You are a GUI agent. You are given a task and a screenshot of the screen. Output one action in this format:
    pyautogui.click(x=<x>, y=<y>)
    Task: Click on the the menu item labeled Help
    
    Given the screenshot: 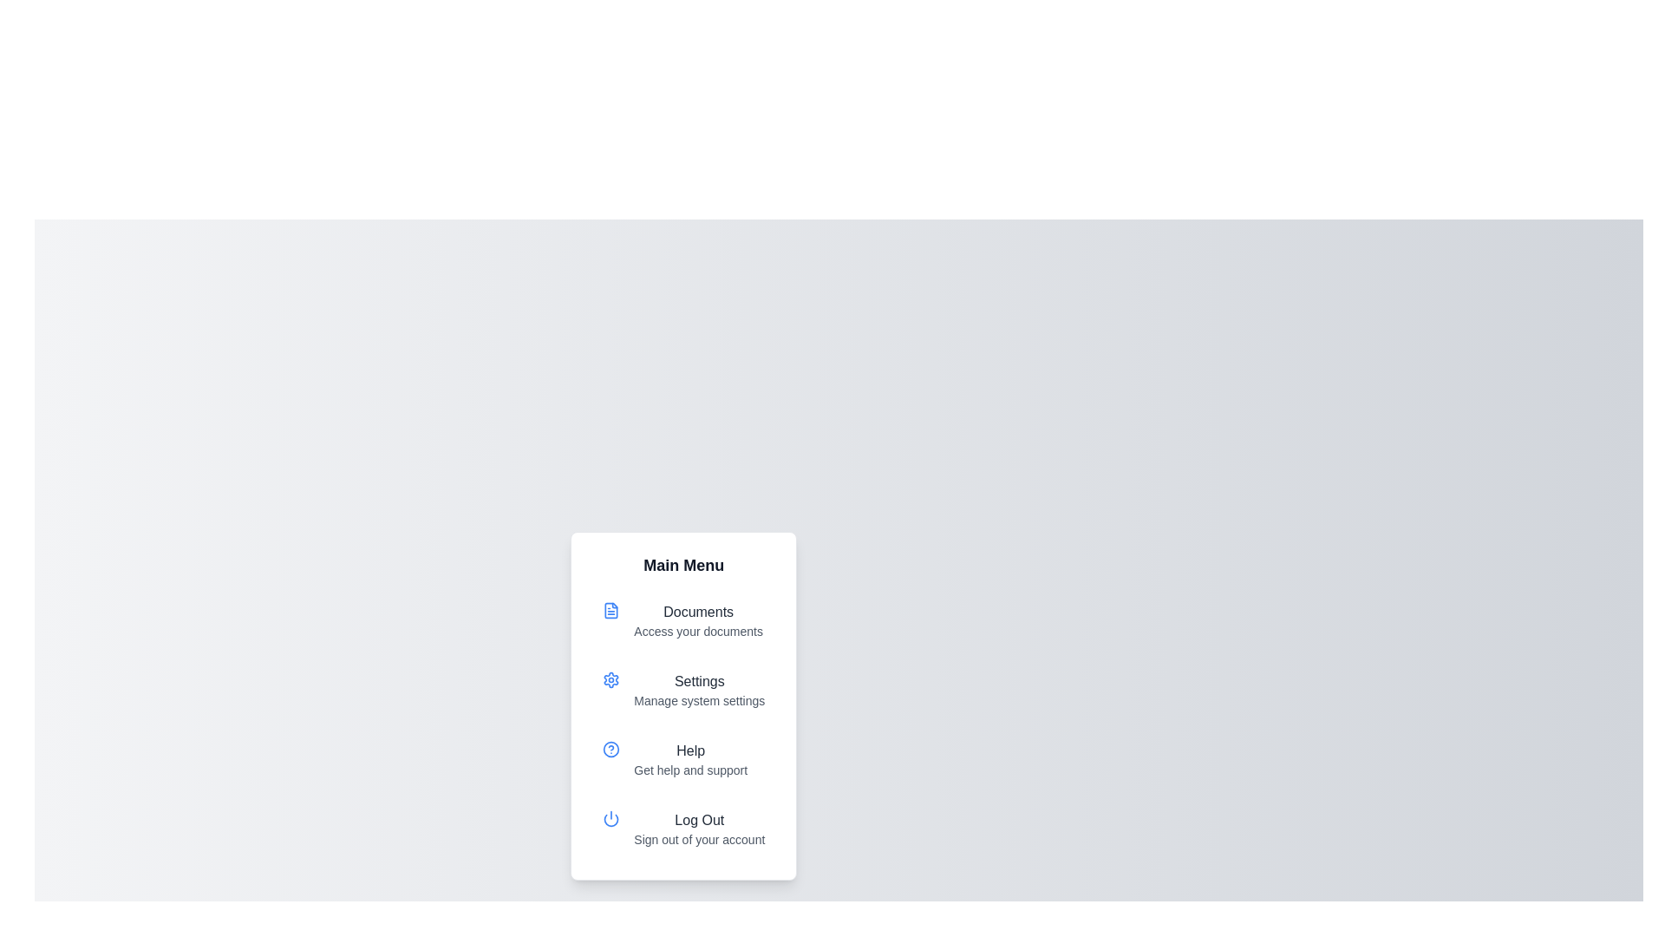 What is the action you would take?
    pyautogui.click(x=682, y=758)
    